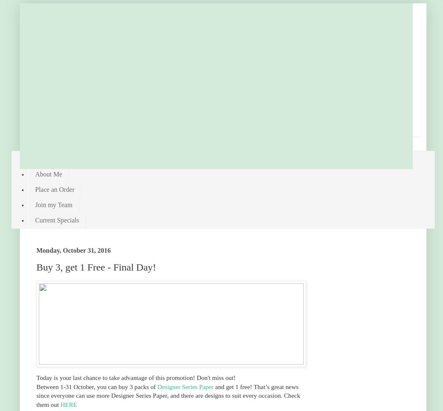 This screenshot has width=443, height=411. Describe the element at coordinates (31, 140) in the screenshot. I see `'Pages'` at that location.